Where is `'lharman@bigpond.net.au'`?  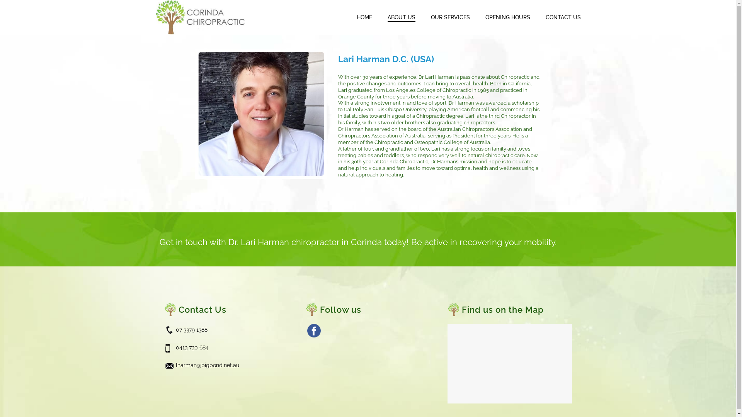
'lharman@bigpond.net.au' is located at coordinates (207, 365).